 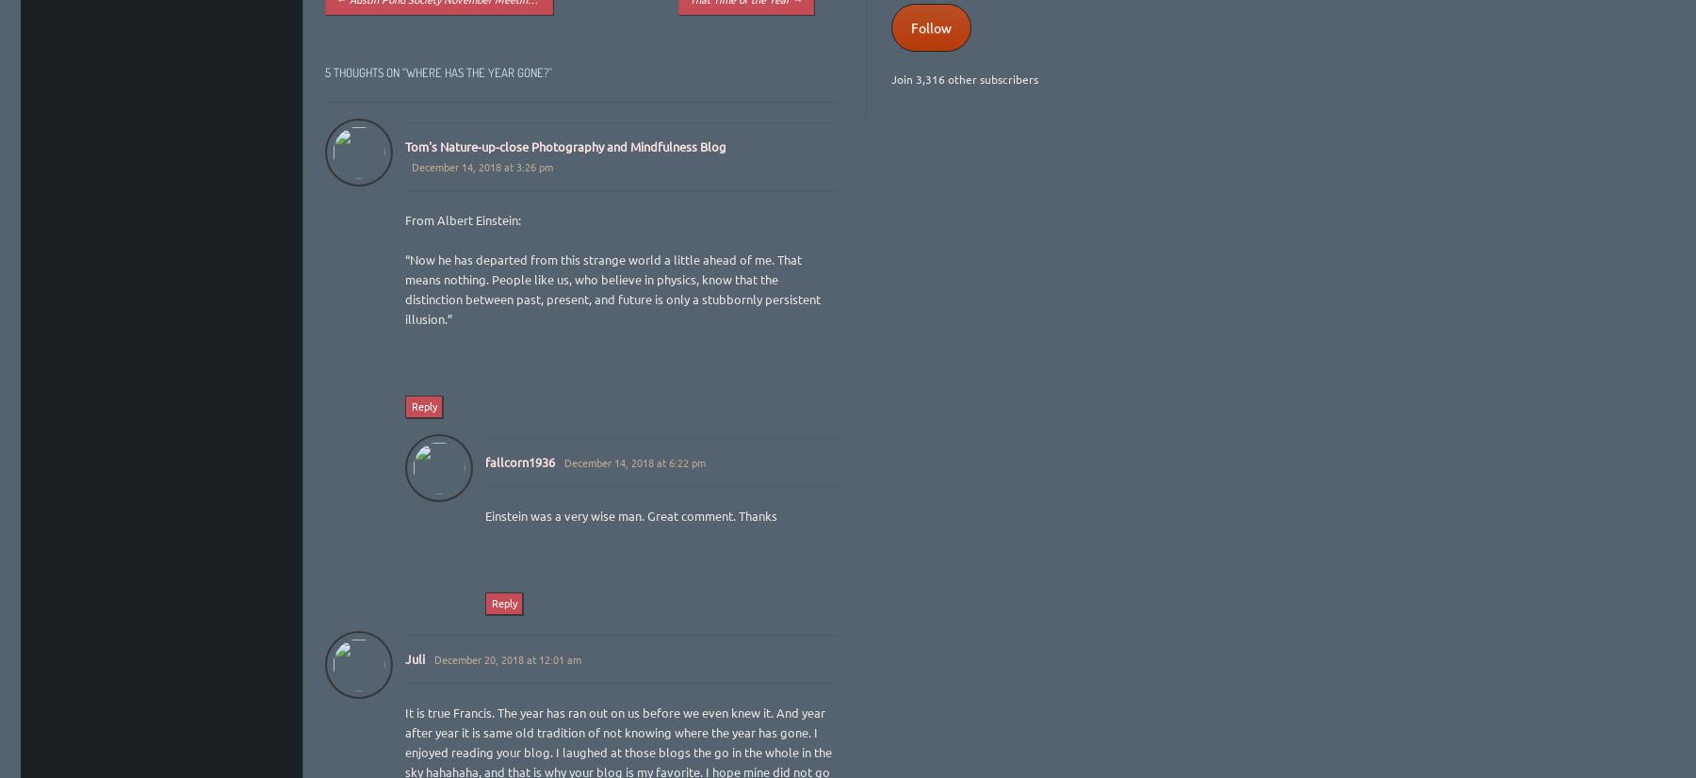 What do you see at coordinates (481, 165) in the screenshot?
I see `'December 14, 2018 at 3:26 pm'` at bounding box center [481, 165].